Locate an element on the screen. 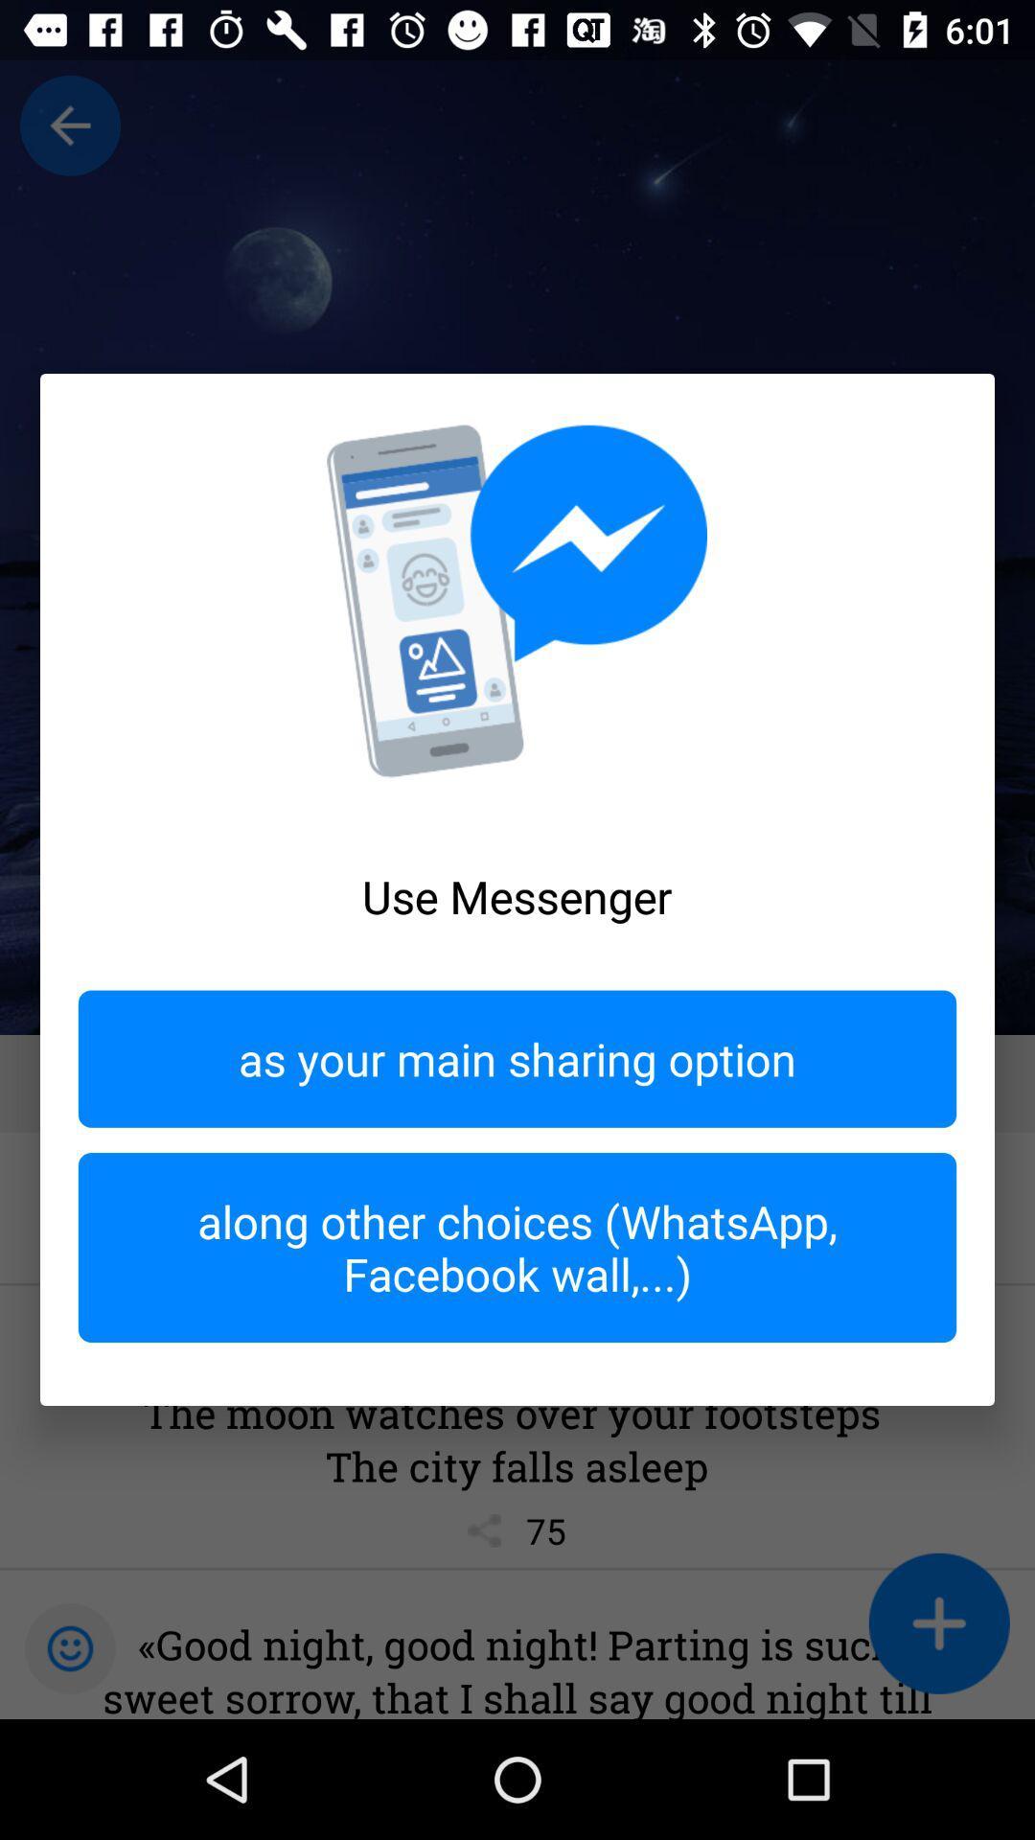  along other choices at the bottom is located at coordinates (517, 1247).